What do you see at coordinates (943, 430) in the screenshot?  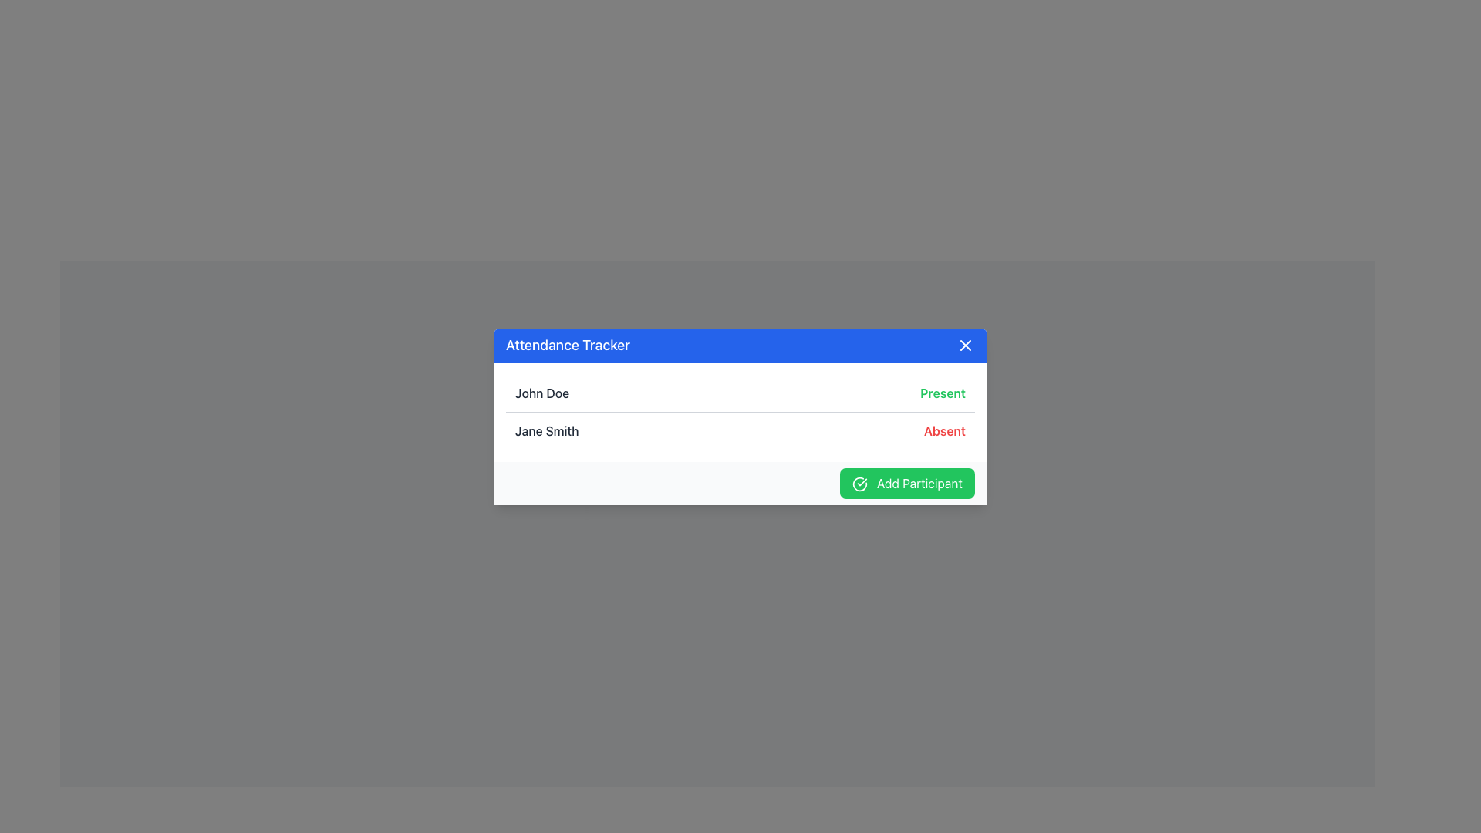 I see `the status indicator text label that shows 'absent' for 'Jane Smith', located to the right of her name in the second row of the table-like interface` at bounding box center [943, 430].